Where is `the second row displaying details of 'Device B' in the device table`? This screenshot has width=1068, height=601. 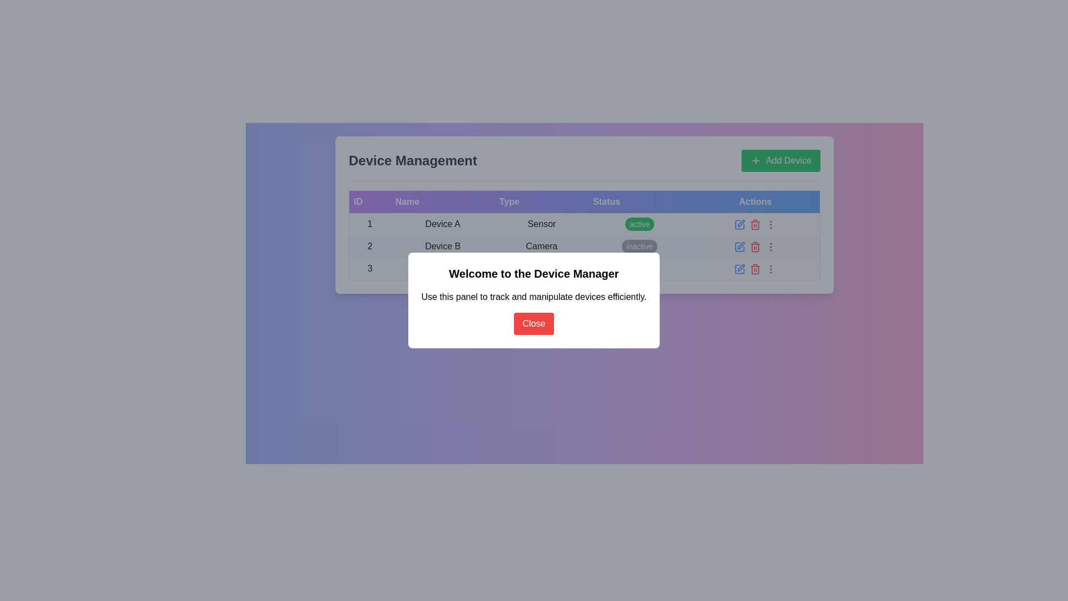
the second row displaying details of 'Device B' in the device table is located at coordinates (584, 246).